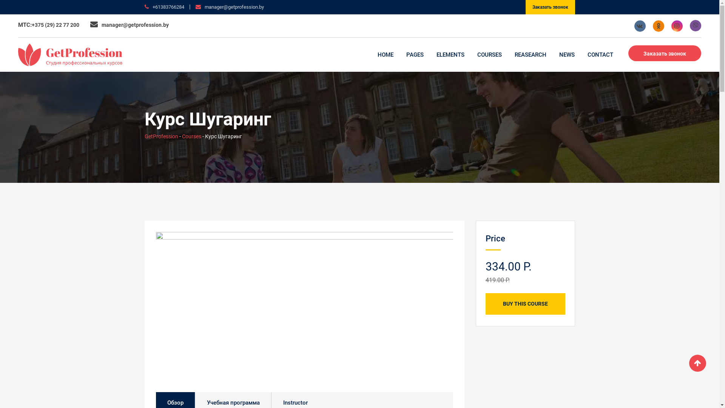  What do you see at coordinates (450, 54) in the screenshot?
I see `'ELEMENTS'` at bounding box center [450, 54].